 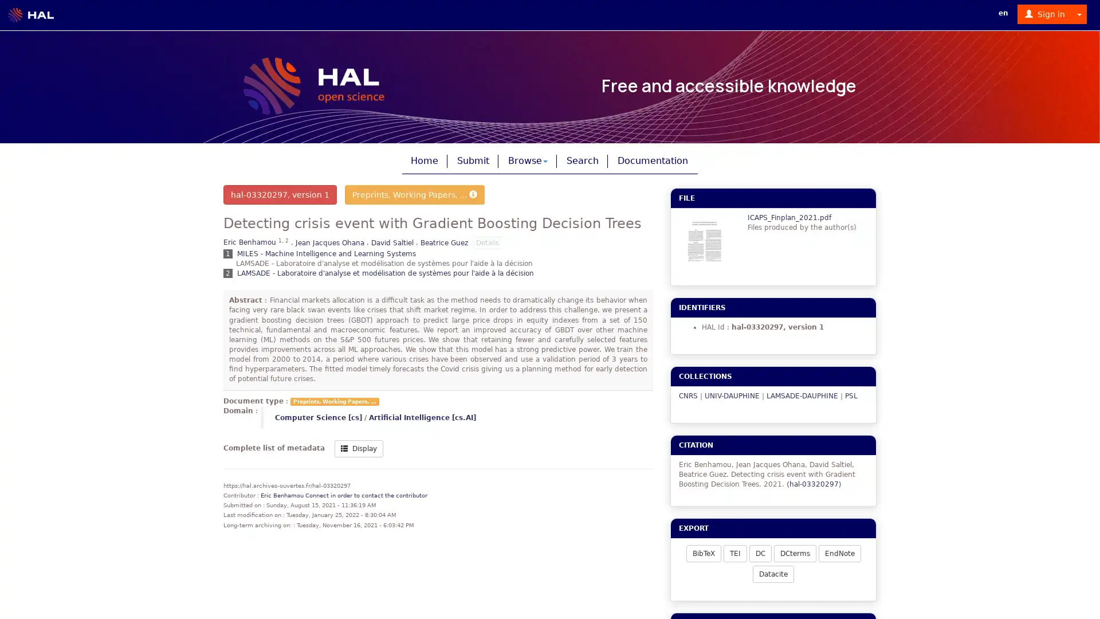 What do you see at coordinates (487, 242) in the screenshot?
I see `Details` at bounding box center [487, 242].